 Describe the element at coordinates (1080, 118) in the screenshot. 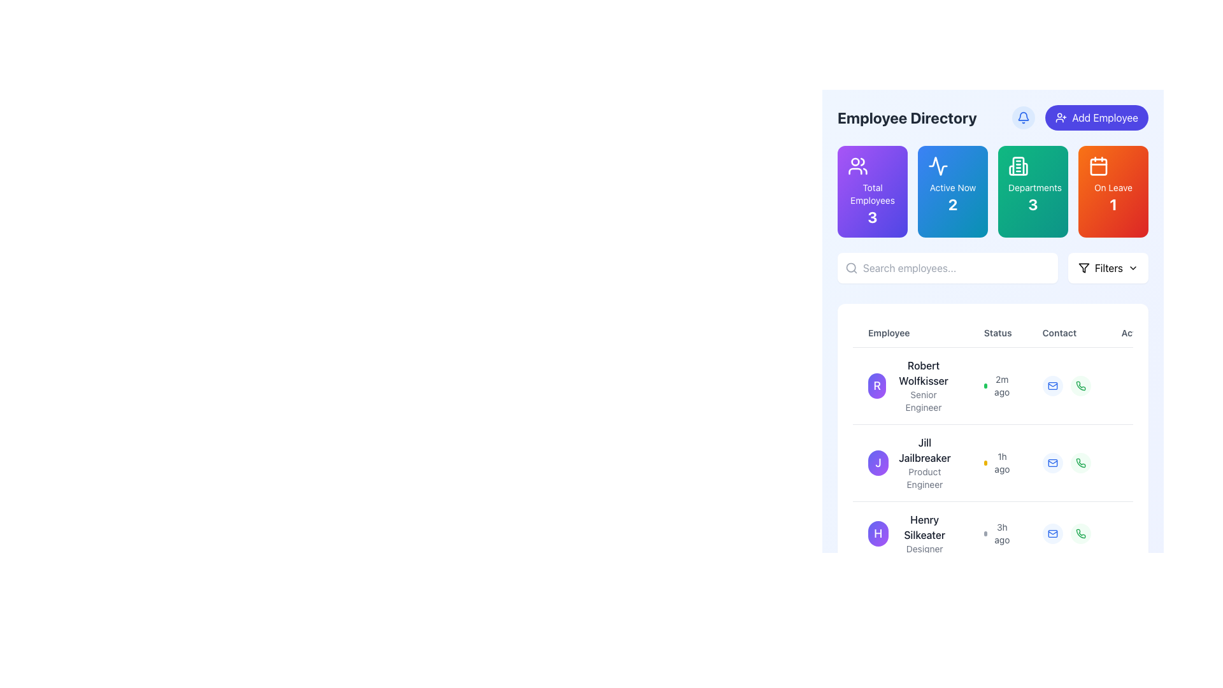

I see `the 'Add Employee' button located at the top-right of the 'Employee Directory' section` at that location.